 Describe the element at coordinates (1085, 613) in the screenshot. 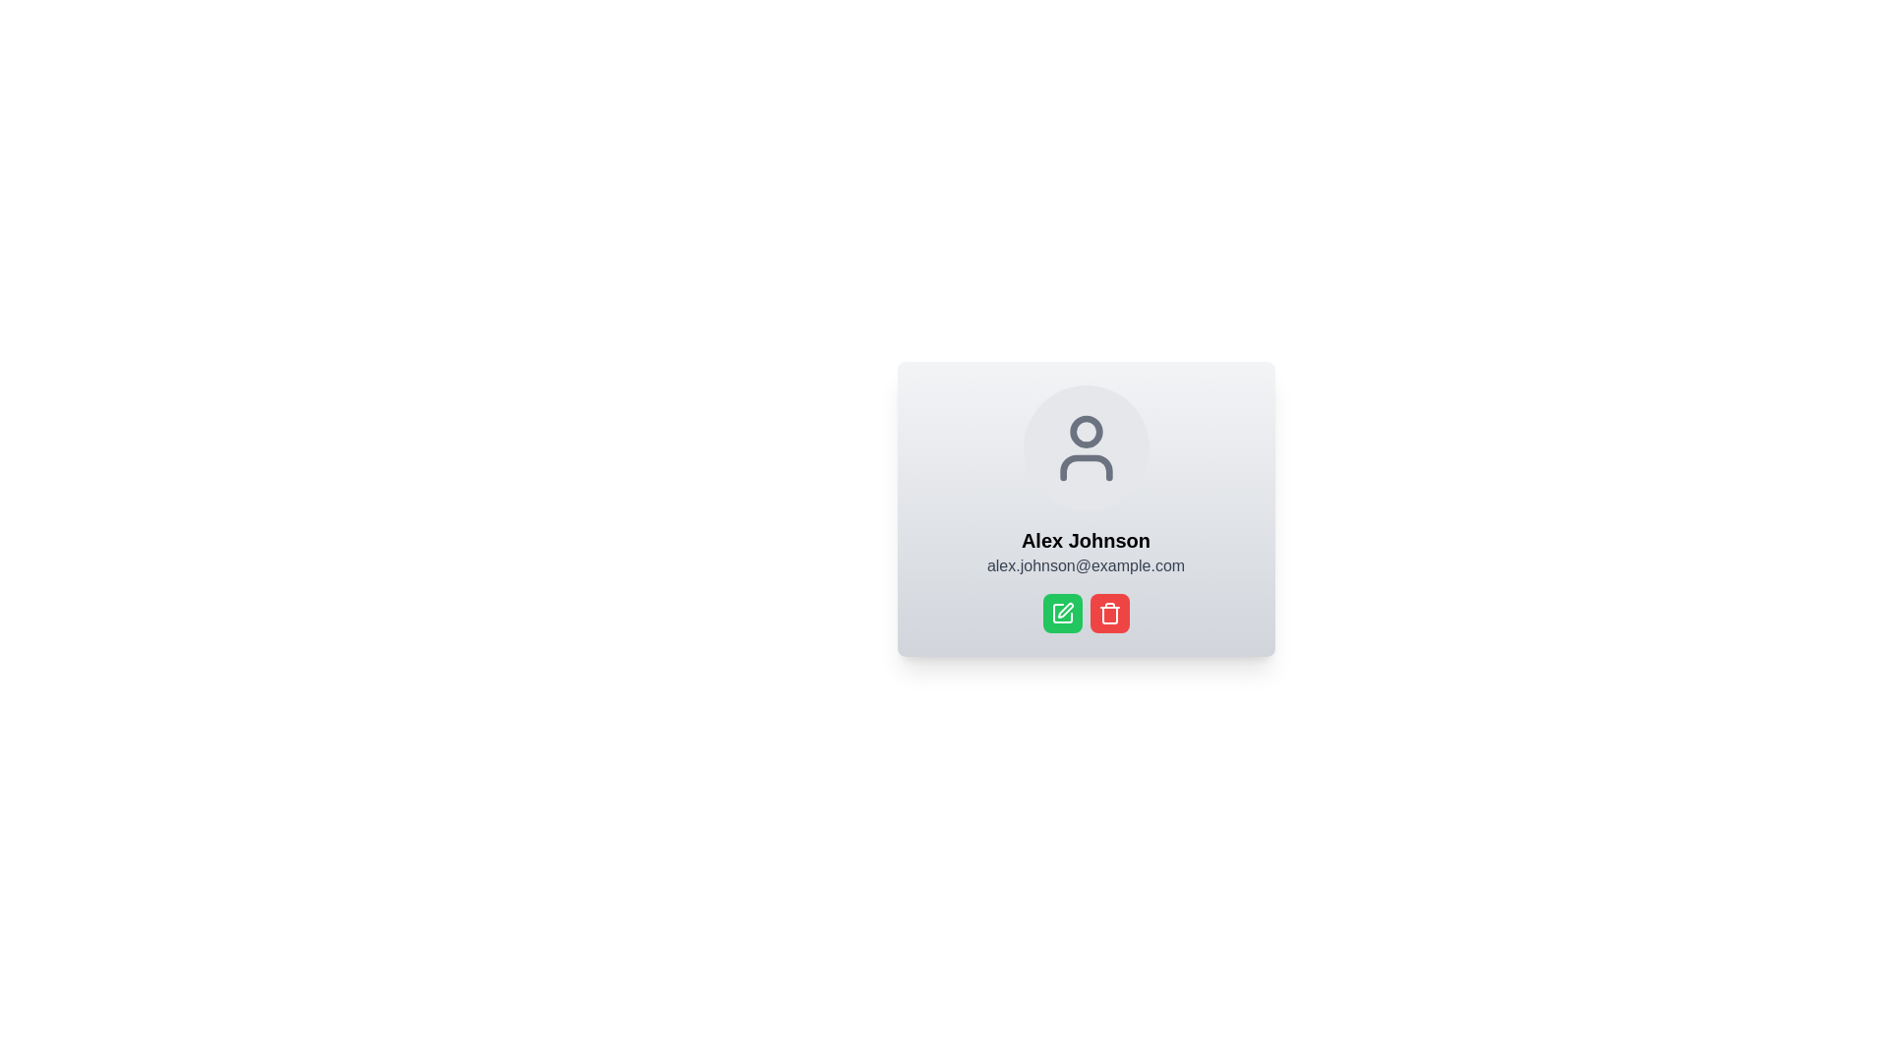

I see `the group of action buttons located below the user's name 'Alex Johnson' and email 'alex.johnson@example.com'` at that location.